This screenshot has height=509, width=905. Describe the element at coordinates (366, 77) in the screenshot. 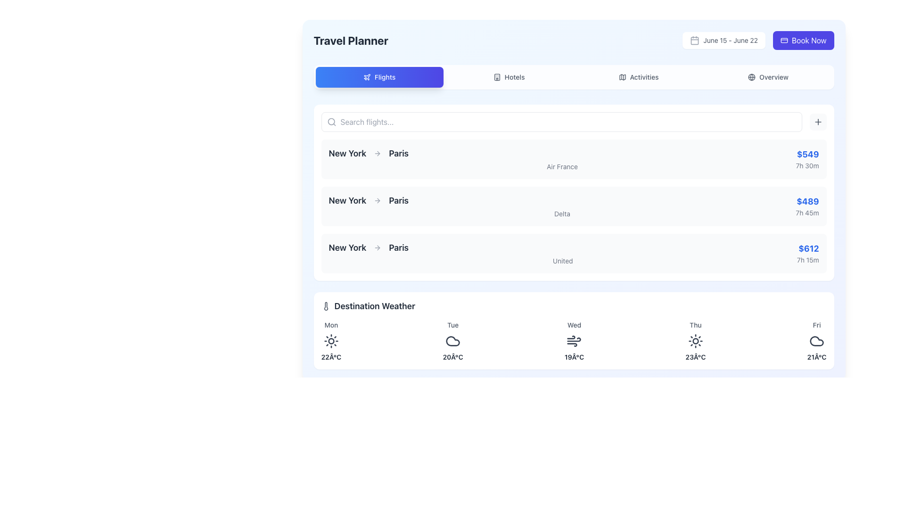

I see `the button containing the plane icon located to the left of the text 'Flights', which is positioned in the menu bar at the top of the interface` at that location.